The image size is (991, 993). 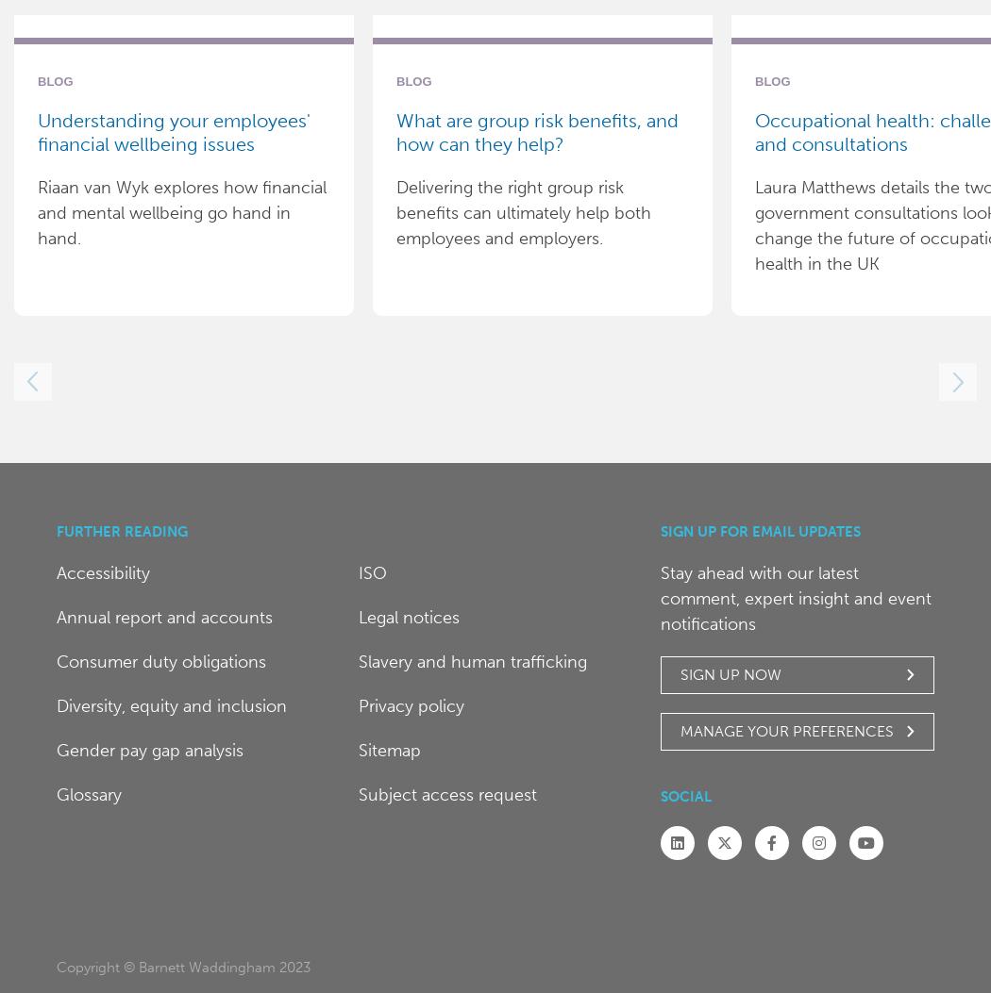 What do you see at coordinates (358, 704) in the screenshot?
I see `'Privacy policy'` at bounding box center [358, 704].